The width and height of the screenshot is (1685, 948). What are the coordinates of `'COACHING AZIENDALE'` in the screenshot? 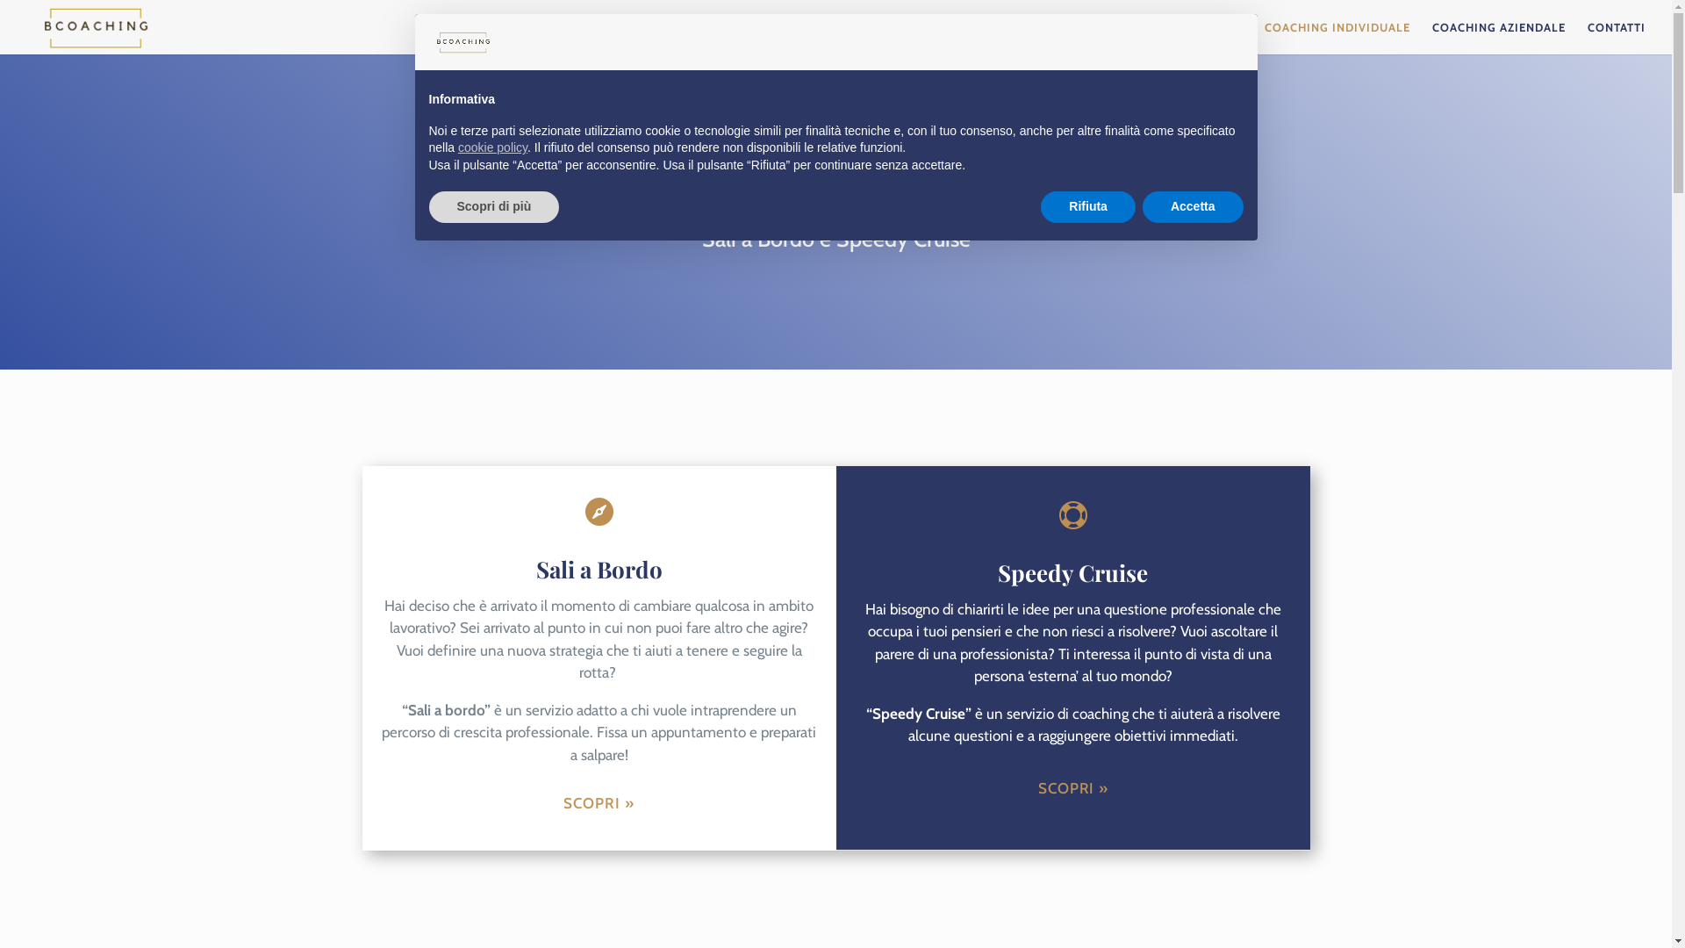 It's located at (1498, 37).